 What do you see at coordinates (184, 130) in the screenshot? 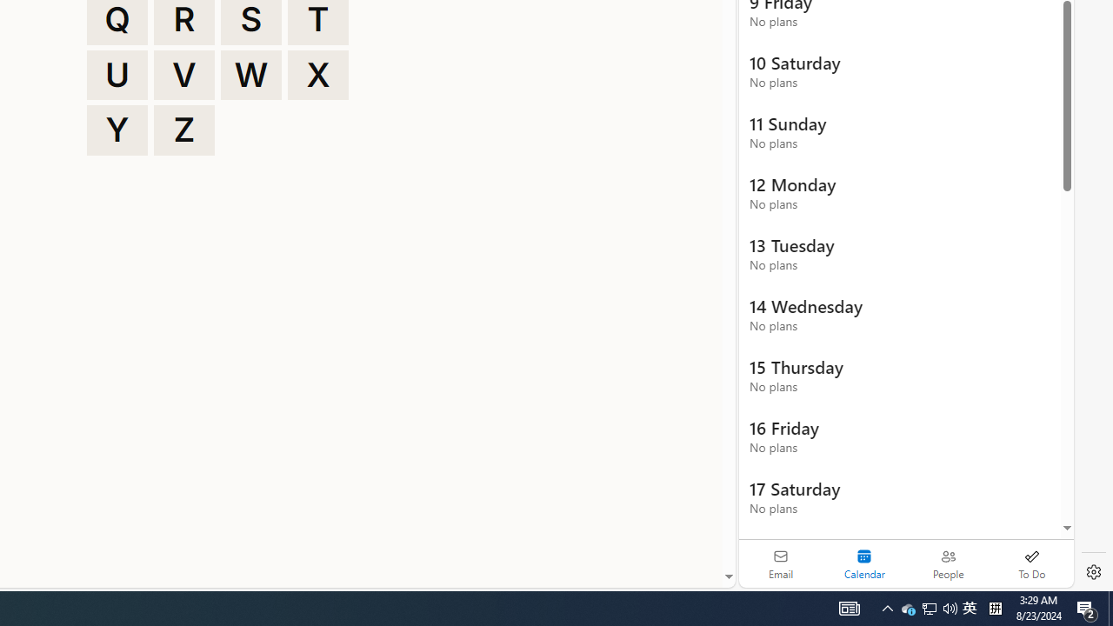
I see `'Z'` at bounding box center [184, 130].